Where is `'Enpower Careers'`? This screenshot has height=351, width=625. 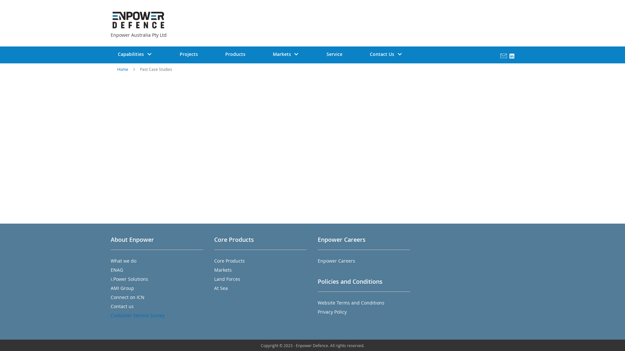 'Enpower Careers' is located at coordinates (336, 260).